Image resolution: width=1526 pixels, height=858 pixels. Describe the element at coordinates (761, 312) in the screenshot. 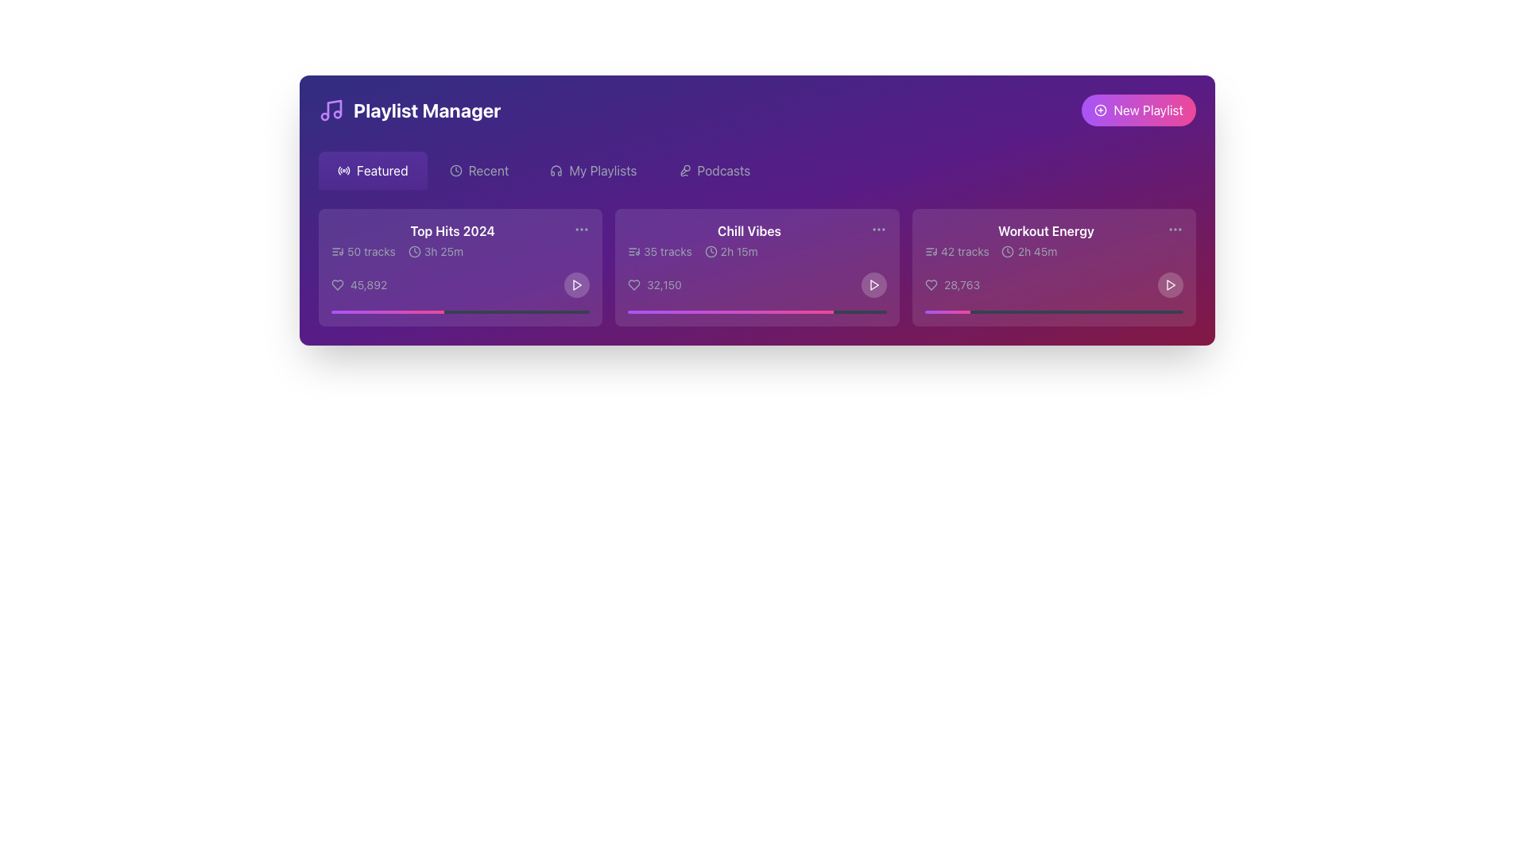

I see `the position on the slider` at that location.